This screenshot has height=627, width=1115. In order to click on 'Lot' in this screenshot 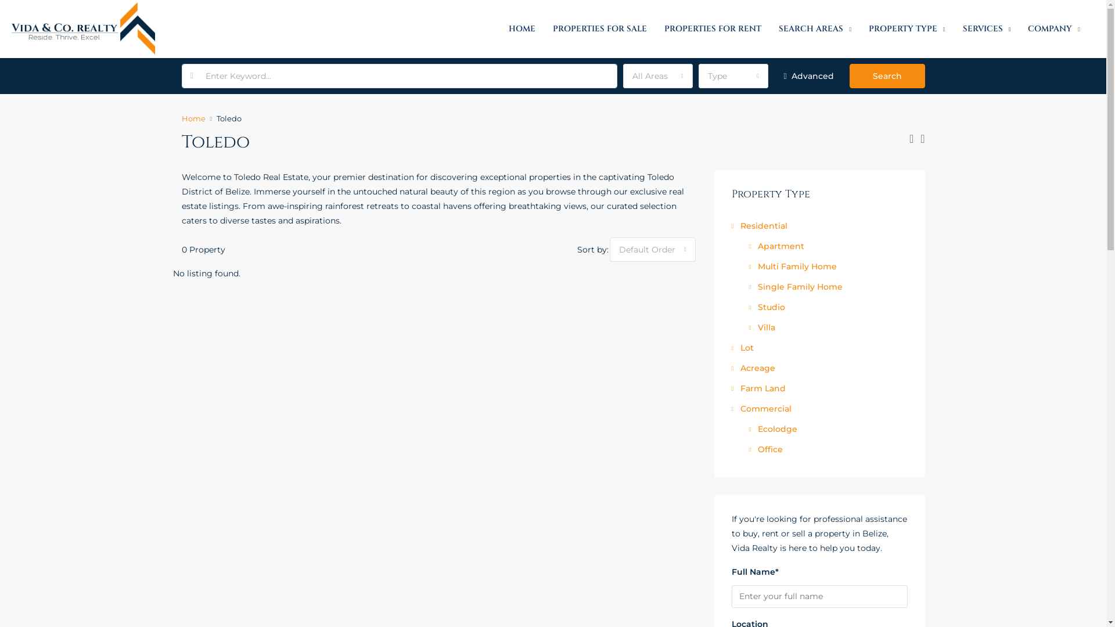, I will do `click(742, 347)`.